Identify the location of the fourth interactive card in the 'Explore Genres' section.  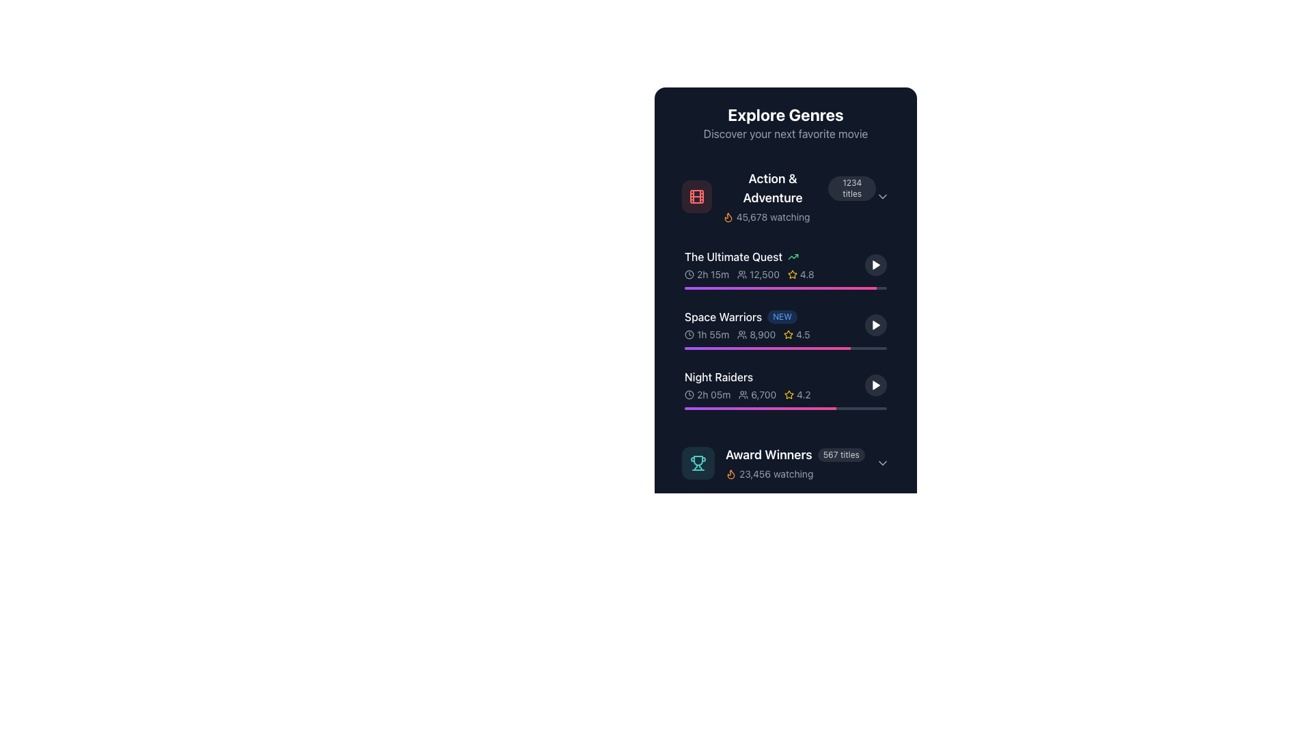
(786, 463).